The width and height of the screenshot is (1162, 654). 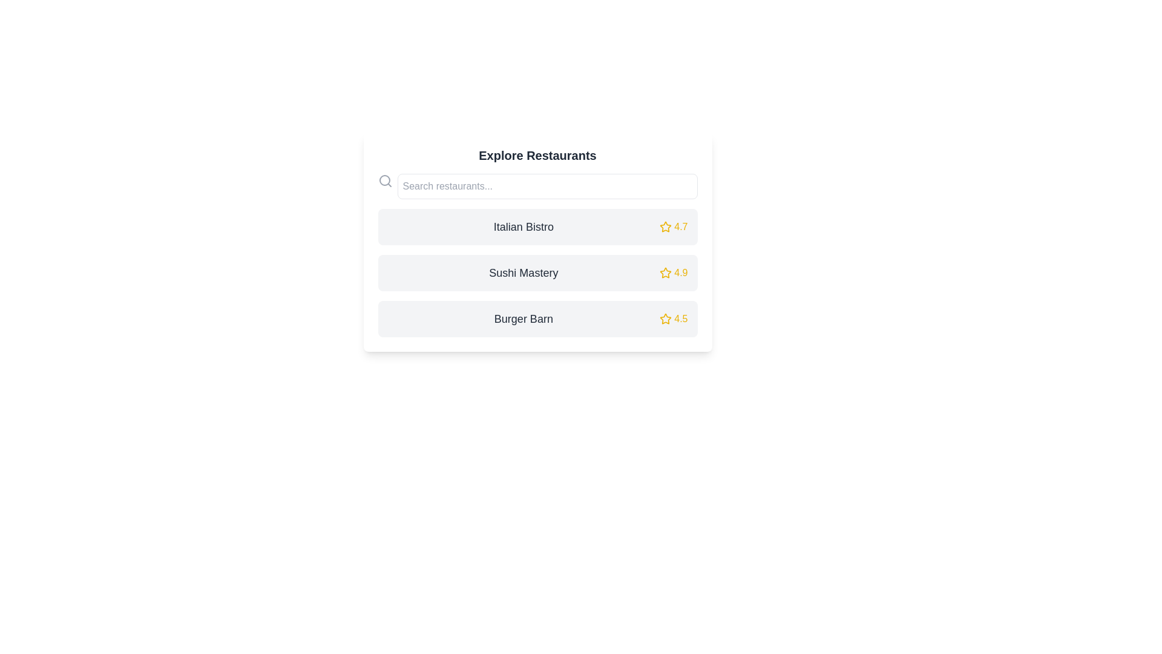 I want to click on the text label that visually represents the rating value of the 'Burger Barn' menu item, so click(x=681, y=319).